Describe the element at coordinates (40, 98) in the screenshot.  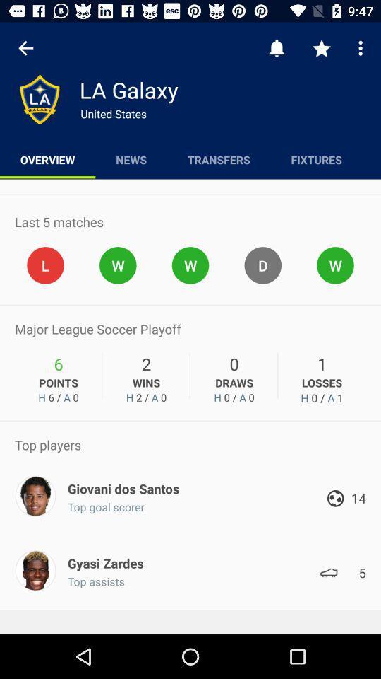
I see `the logo which contains la galaxy` at that location.